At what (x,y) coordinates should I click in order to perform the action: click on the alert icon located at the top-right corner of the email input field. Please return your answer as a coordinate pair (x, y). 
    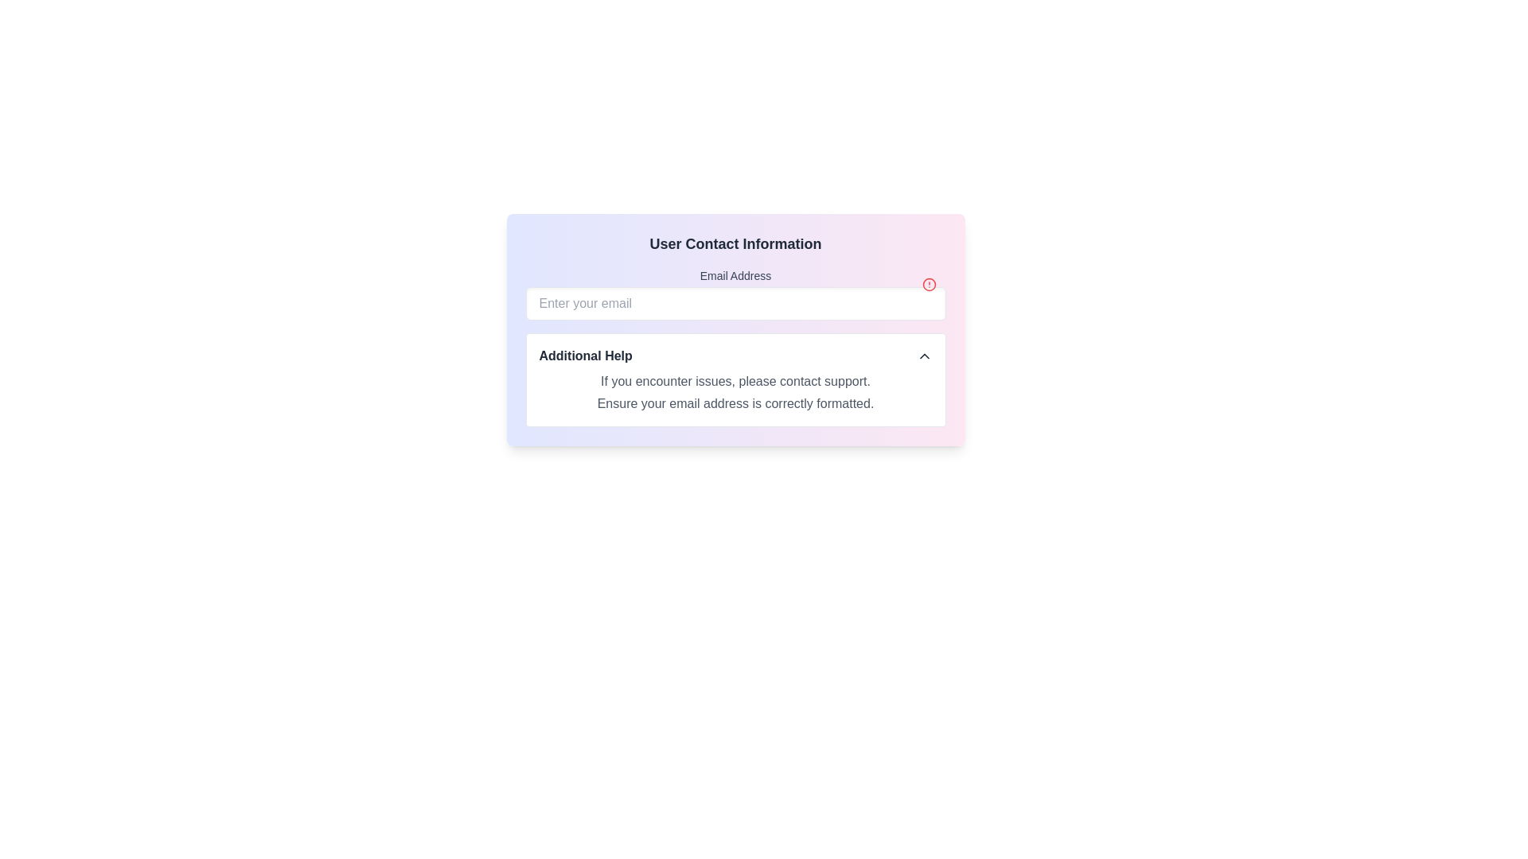
    Looking at the image, I should click on (929, 284).